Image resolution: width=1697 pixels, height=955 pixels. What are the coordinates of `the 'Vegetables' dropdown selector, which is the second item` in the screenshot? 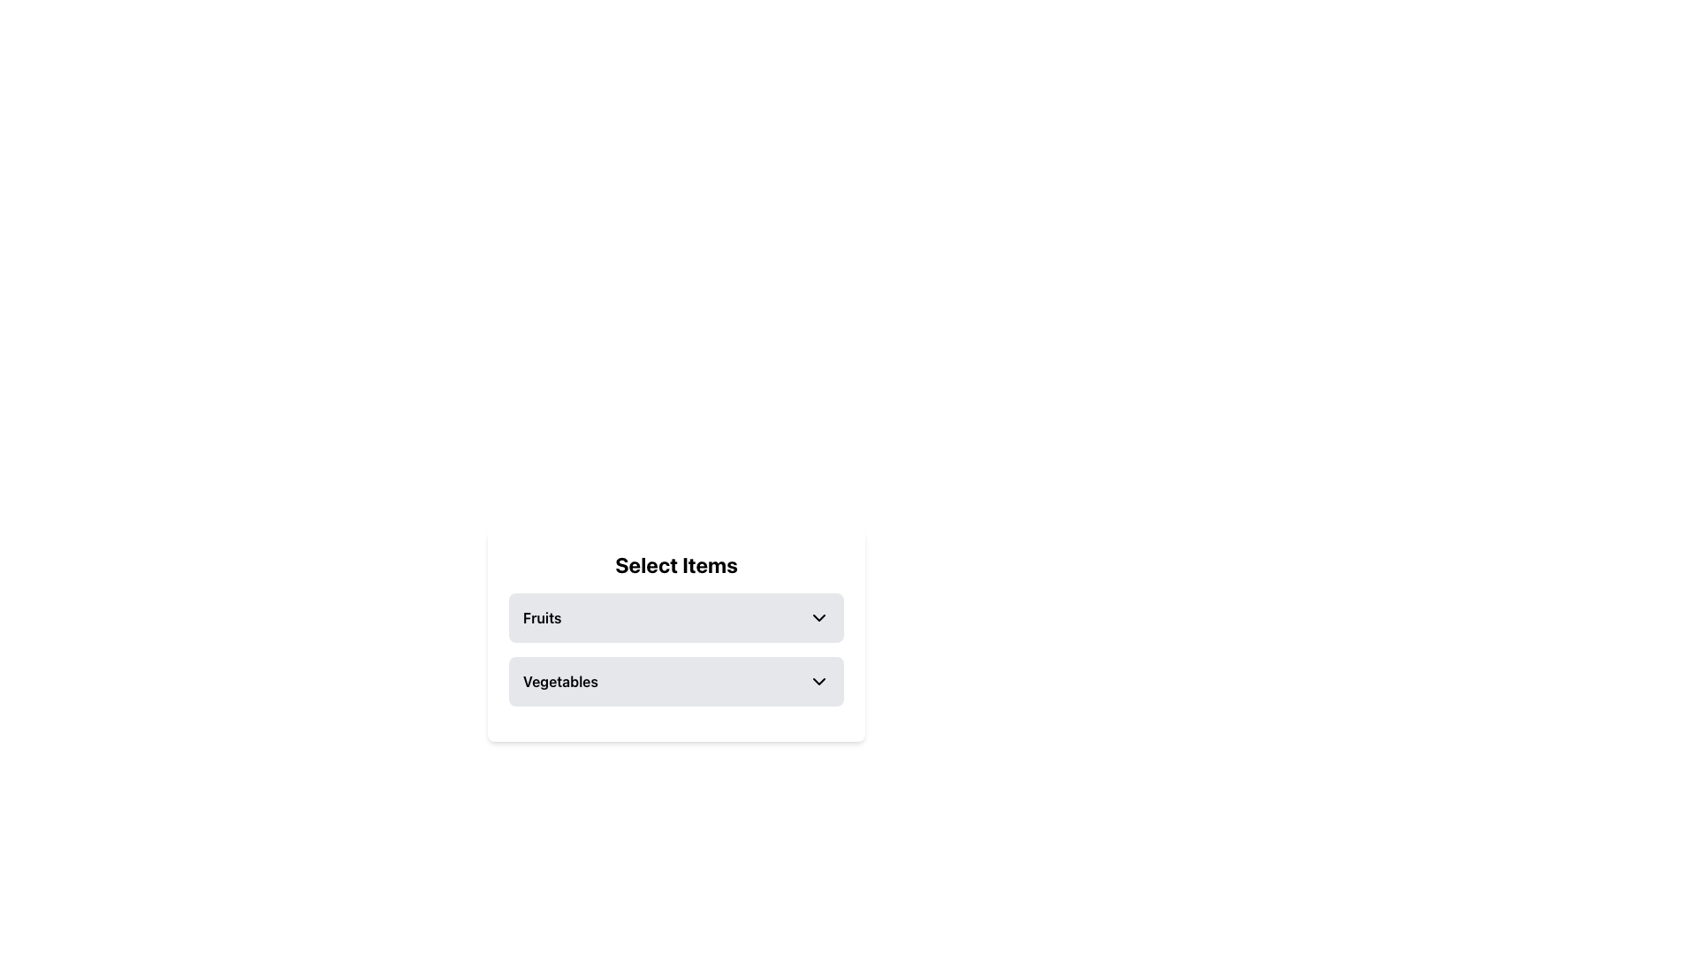 It's located at (675, 681).